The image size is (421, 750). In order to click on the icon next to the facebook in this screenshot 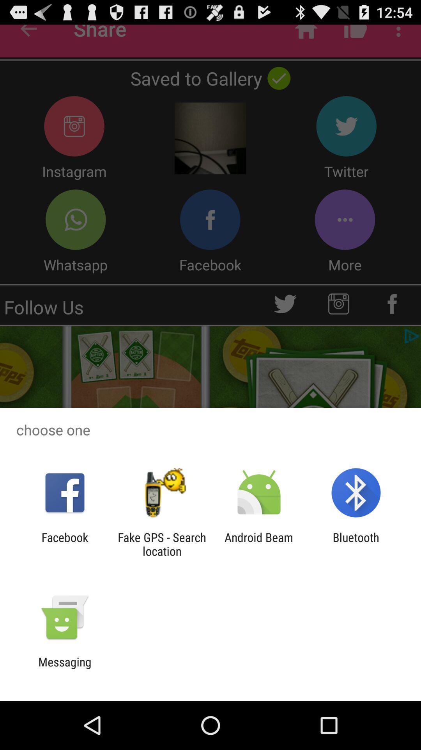, I will do `click(161, 544)`.